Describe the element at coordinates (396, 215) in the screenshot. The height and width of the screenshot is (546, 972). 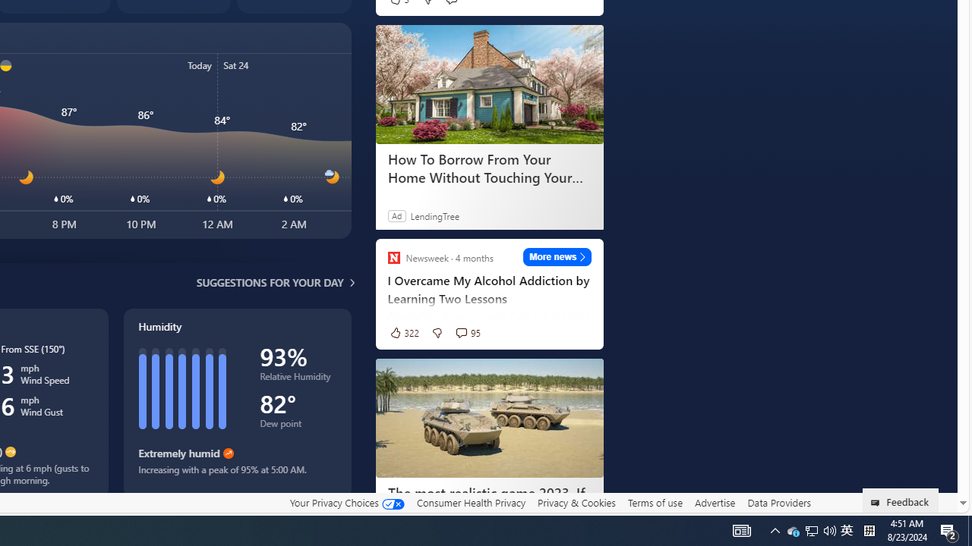
I see `'Ad'` at that location.